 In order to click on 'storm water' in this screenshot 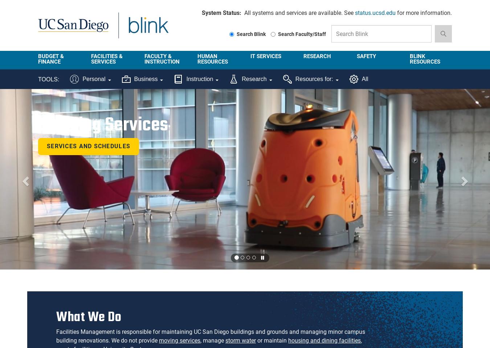, I will do `click(240, 340)`.